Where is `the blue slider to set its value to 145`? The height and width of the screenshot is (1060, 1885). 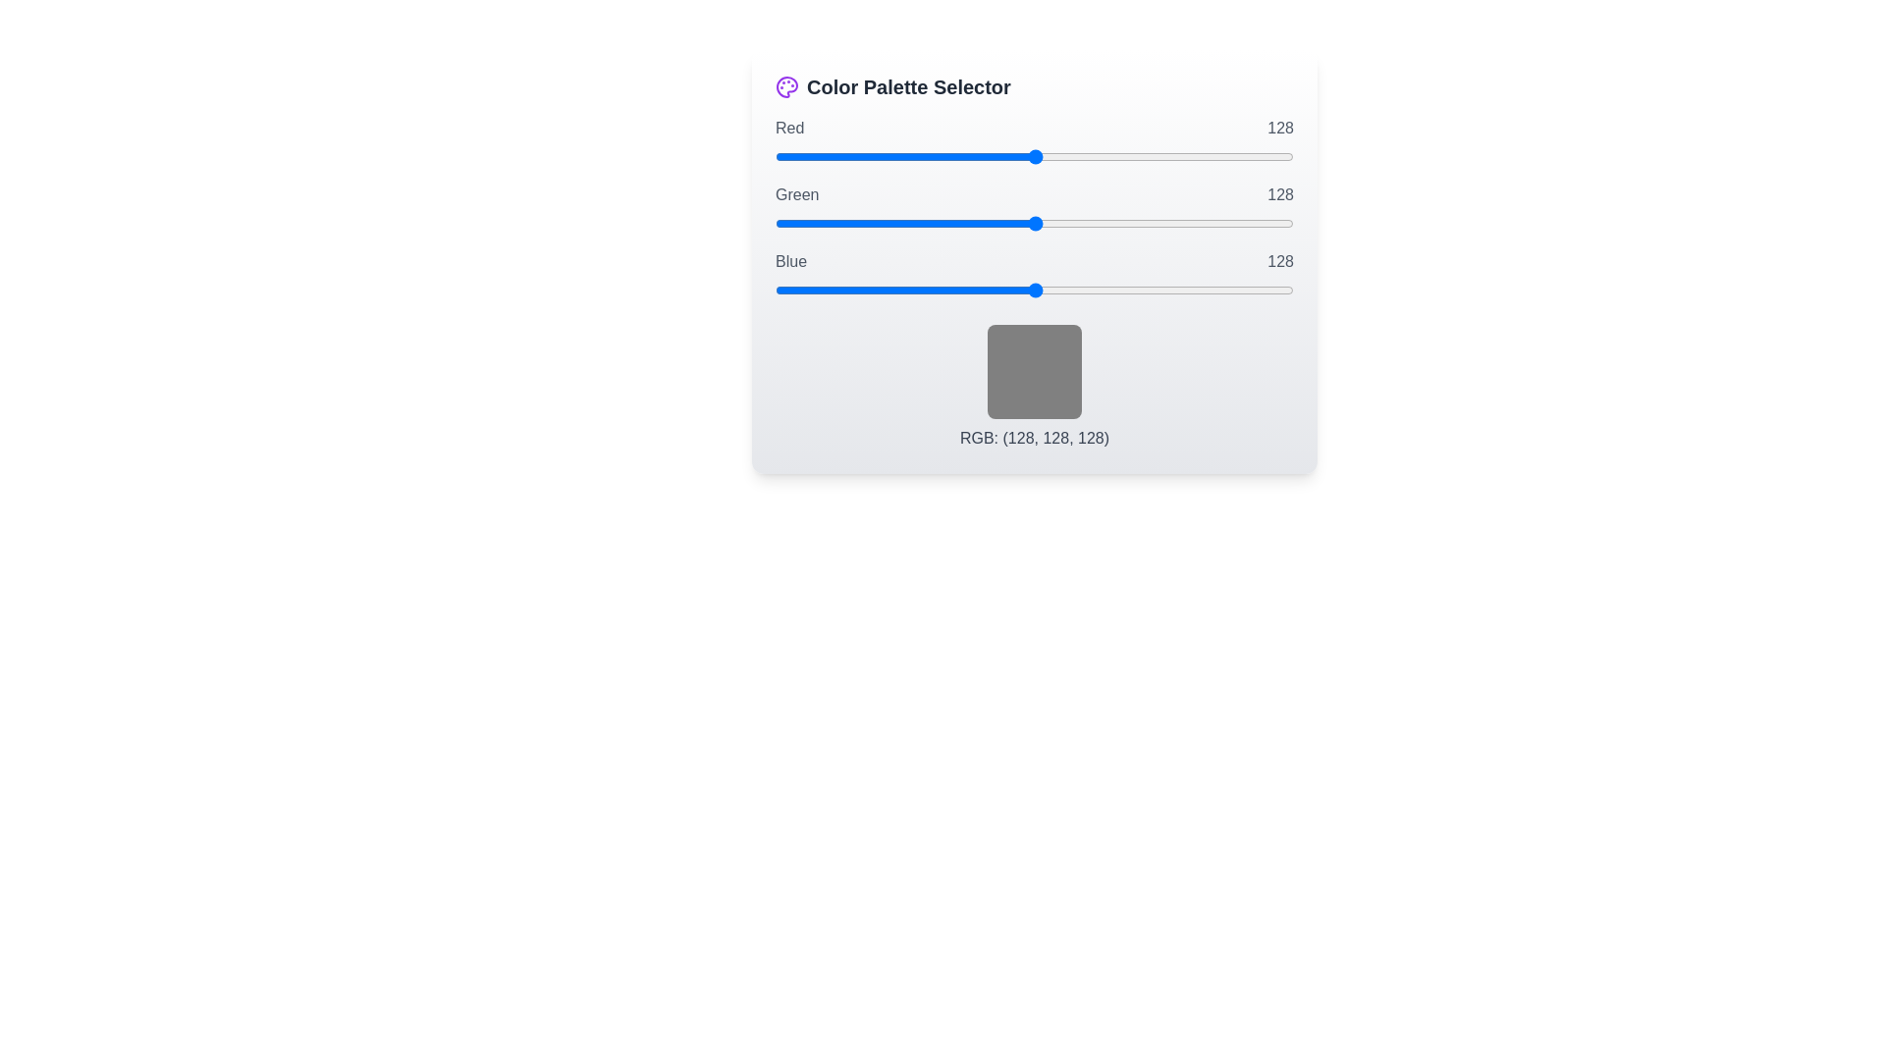
the blue slider to set its value to 145 is located at coordinates (1069, 291).